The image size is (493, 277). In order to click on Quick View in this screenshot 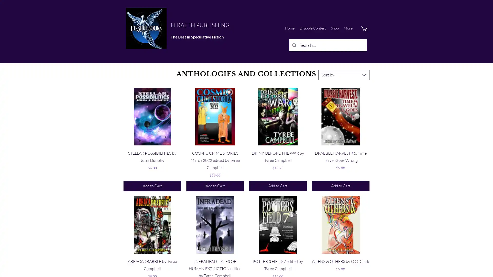, I will do `click(215, 260)`.